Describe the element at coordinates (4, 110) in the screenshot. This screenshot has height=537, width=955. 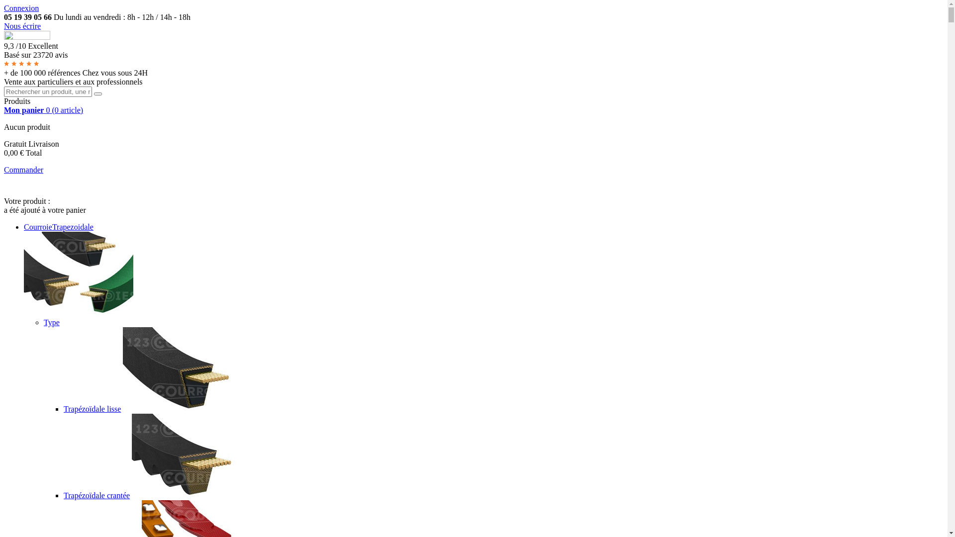
I see `'Mon panier 0 (0 article)'` at that location.